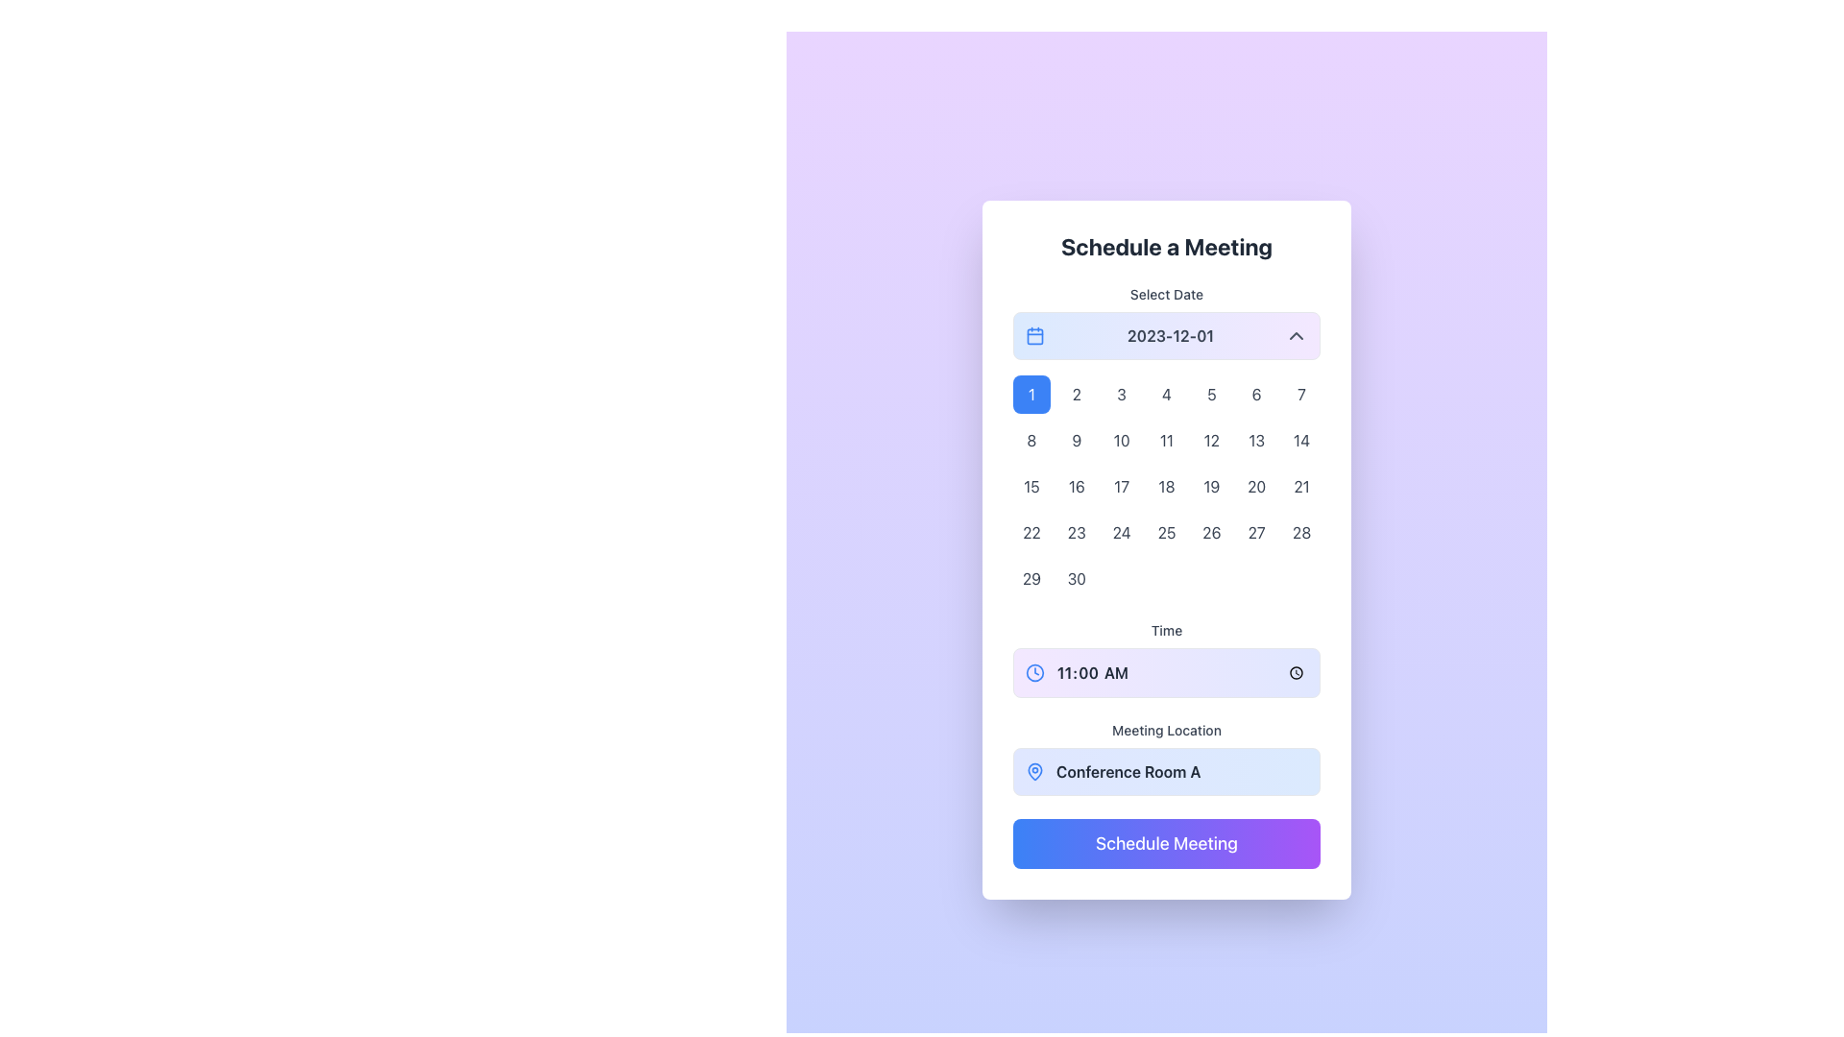  What do you see at coordinates (1301, 485) in the screenshot?
I see `the button representing the specific date in the last column of the third row of the calendar grid` at bounding box center [1301, 485].